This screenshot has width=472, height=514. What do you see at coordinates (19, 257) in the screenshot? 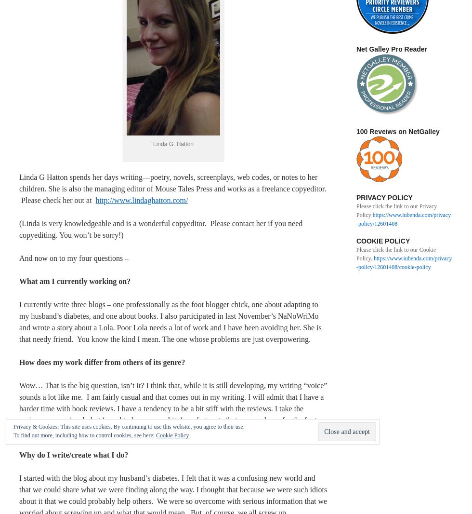
I see `'And now on to my four questions –'` at bounding box center [19, 257].